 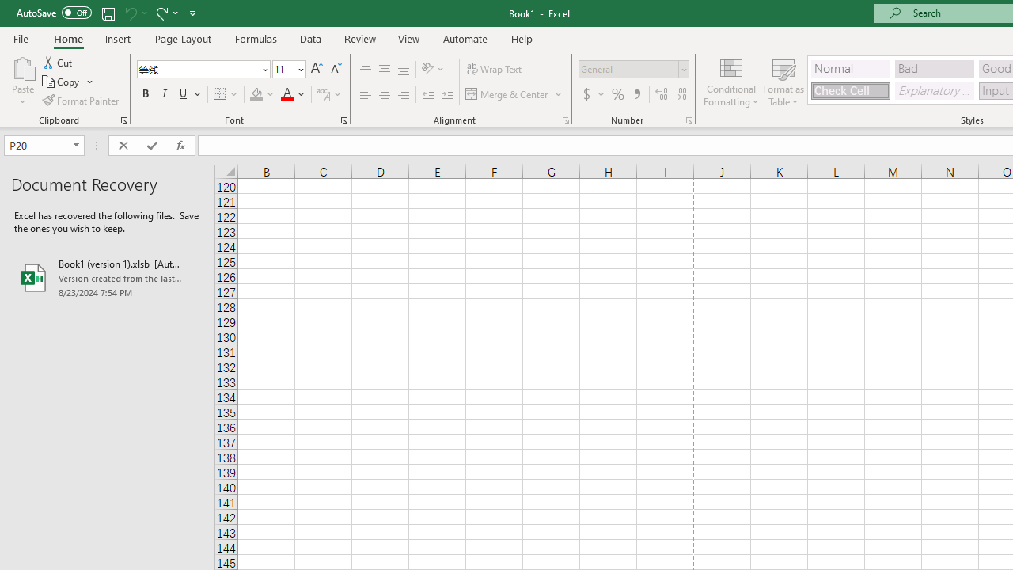 What do you see at coordinates (637, 94) in the screenshot?
I see `'Comma Style'` at bounding box center [637, 94].